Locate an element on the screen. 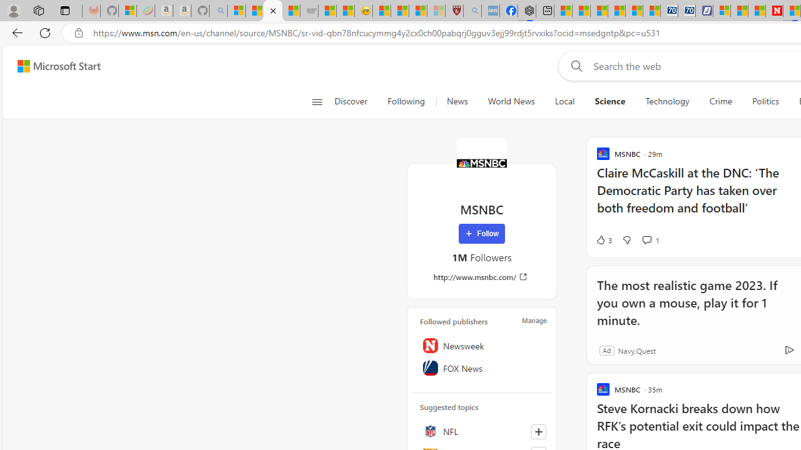  'Cheap Hotels - Save70.com' is located at coordinates (686, 11).